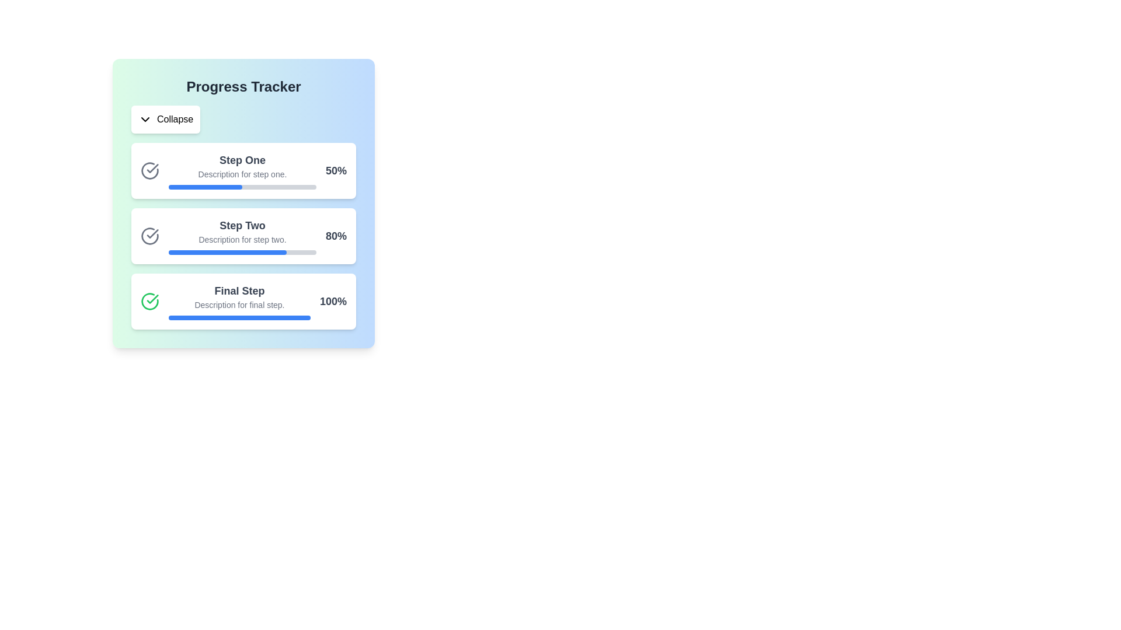  What do you see at coordinates (333, 300) in the screenshot?
I see `value of the Text label displaying '100%' in bold styling, located at the right end of the 'Final Step' box under the progress tracker` at bounding box center [333, 300].